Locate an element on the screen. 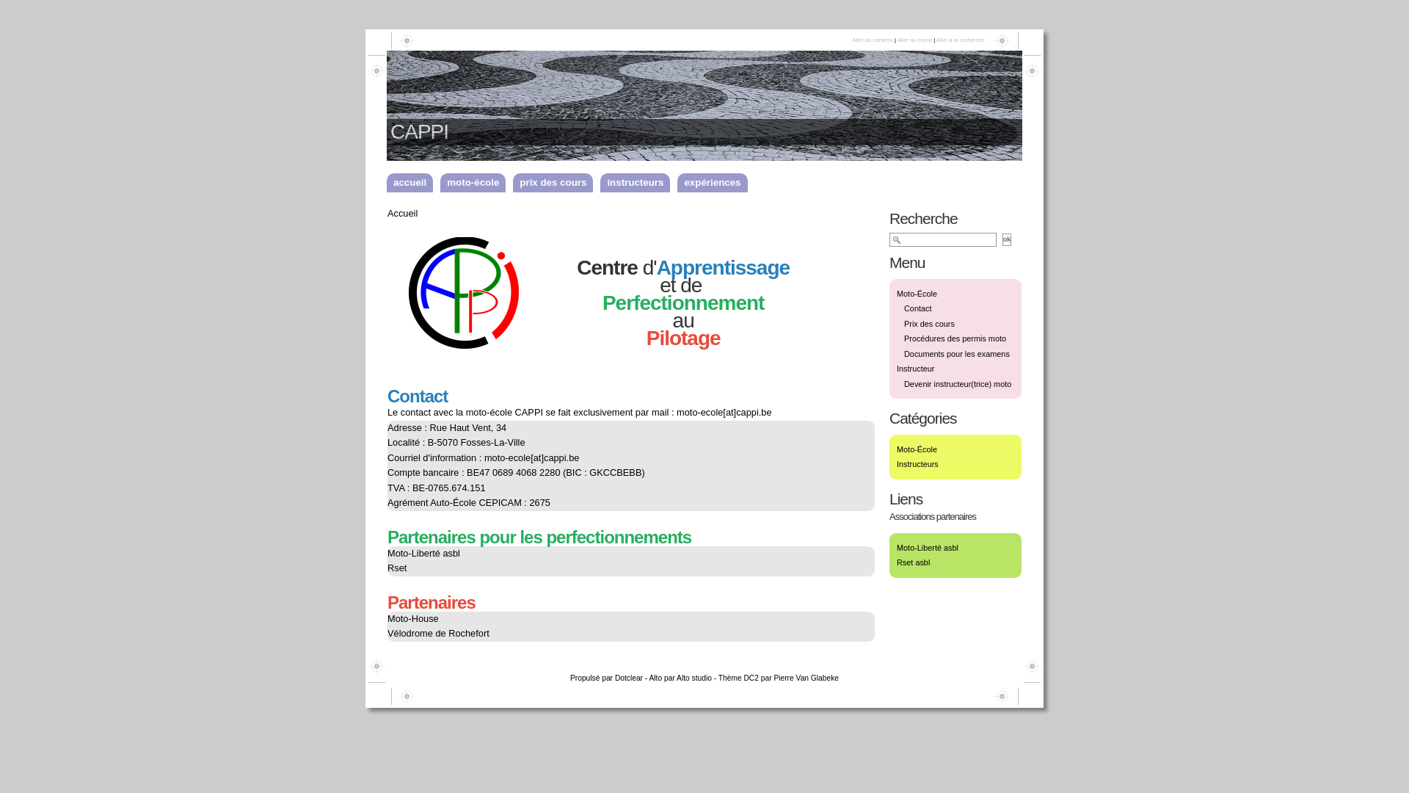 This screenshot has width=1409, height=793. 'Instructeur' is located at coordinates (914, 367).